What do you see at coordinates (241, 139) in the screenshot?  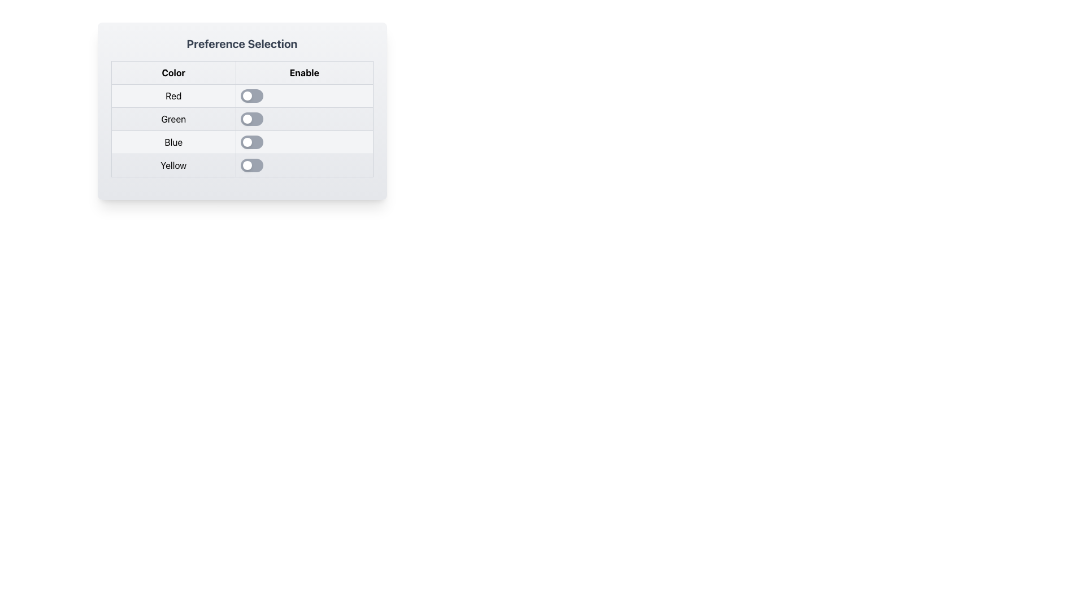 I see `the toggle switch in the 'Blue' preference row` at bounding box center [241, 139].